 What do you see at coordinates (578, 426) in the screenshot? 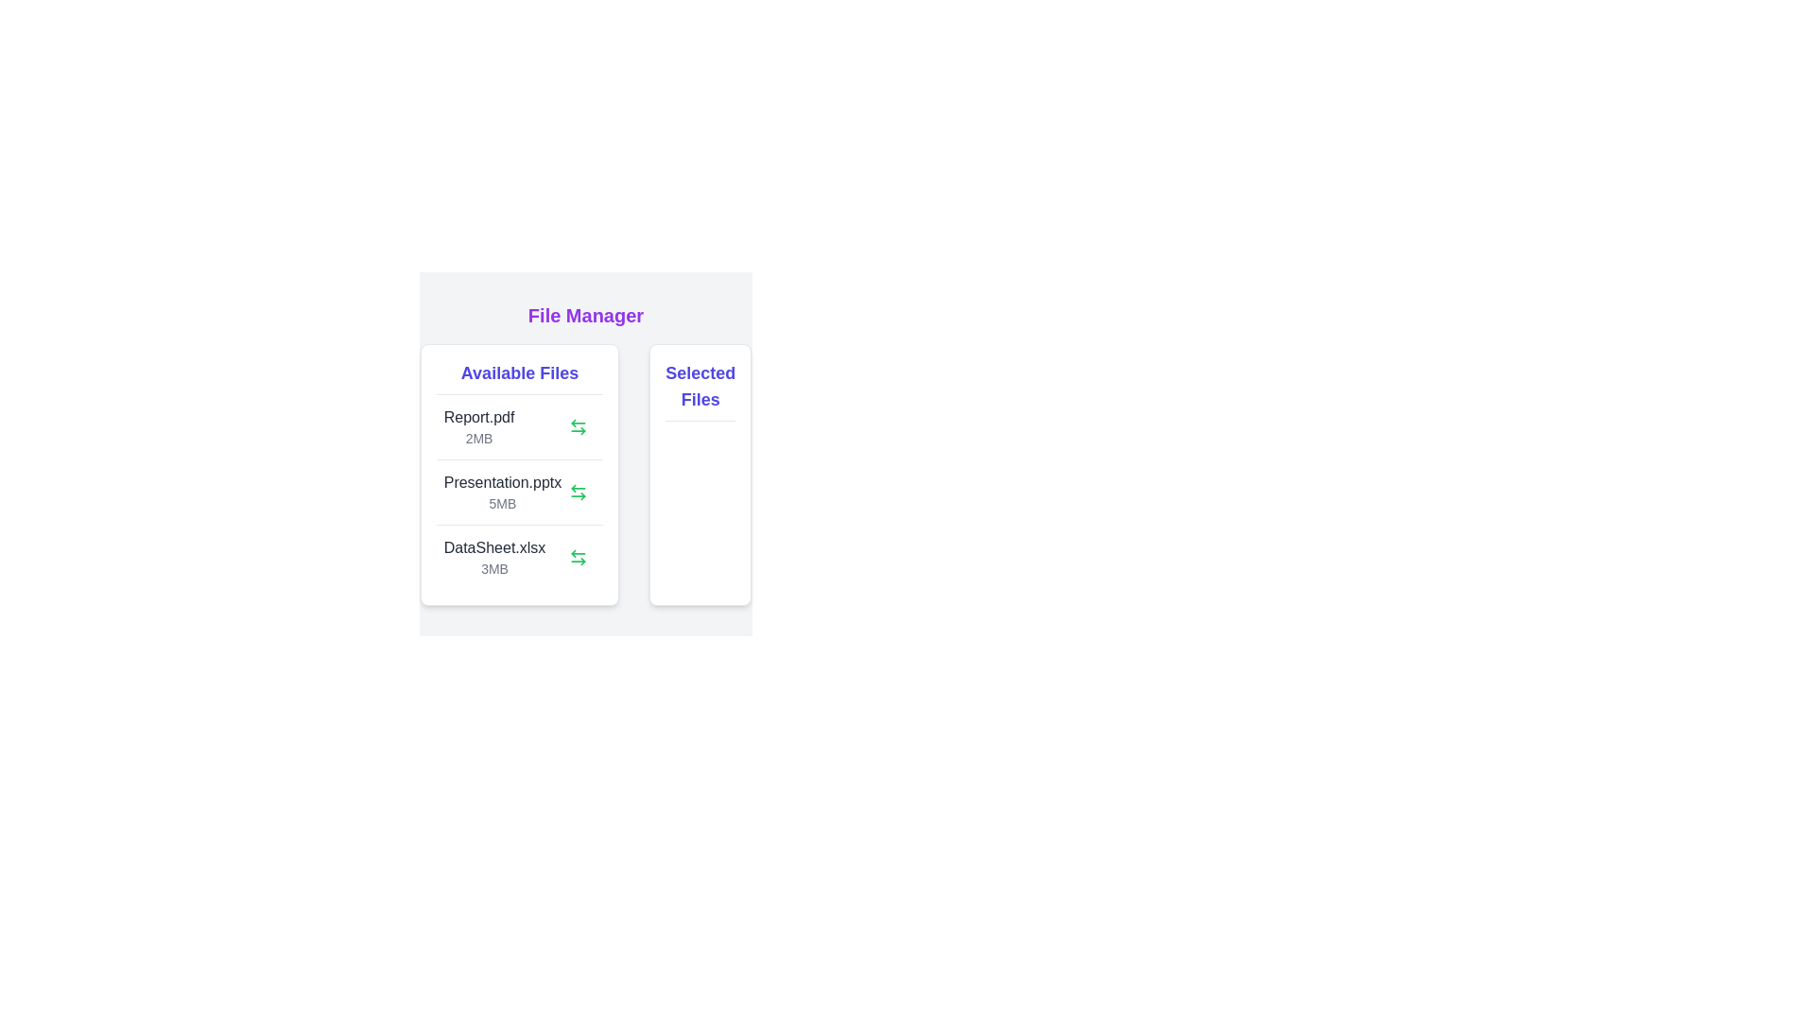
I see `the green double-sided arrow icon button located to the right of the 'Report.pdf' text in the 'Available Files' section` at bounding box center [578, 426].